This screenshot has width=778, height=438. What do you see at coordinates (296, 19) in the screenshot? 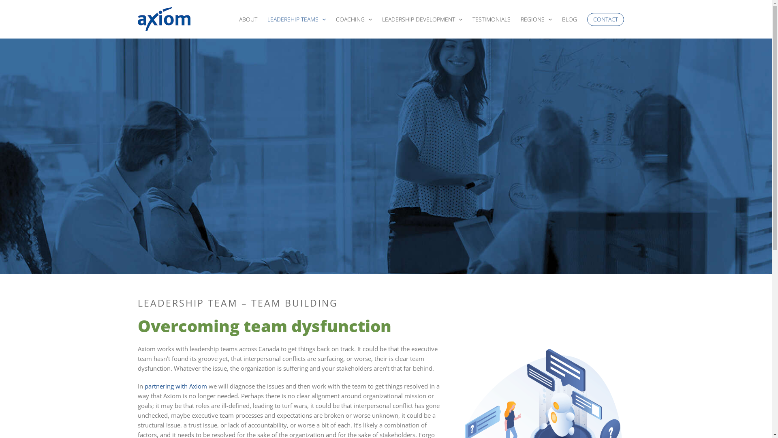
I see `'LEADERSHIP TEAMS'` at bounding box center [296, 19].